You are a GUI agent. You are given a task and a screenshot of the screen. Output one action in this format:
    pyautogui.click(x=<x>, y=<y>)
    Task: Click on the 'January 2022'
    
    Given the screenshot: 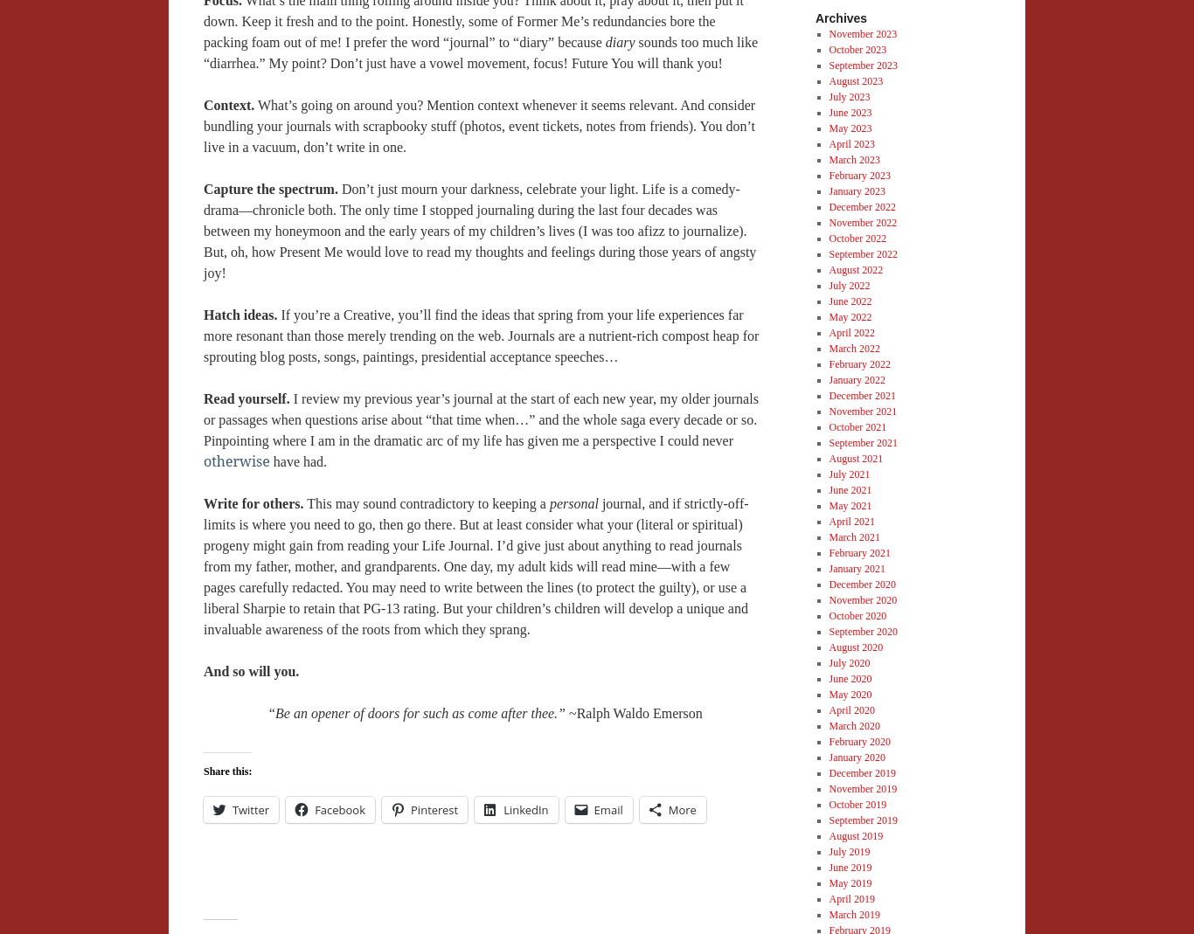 What is the action you would take?
    pyautogui.click(x=856, y=378)
    